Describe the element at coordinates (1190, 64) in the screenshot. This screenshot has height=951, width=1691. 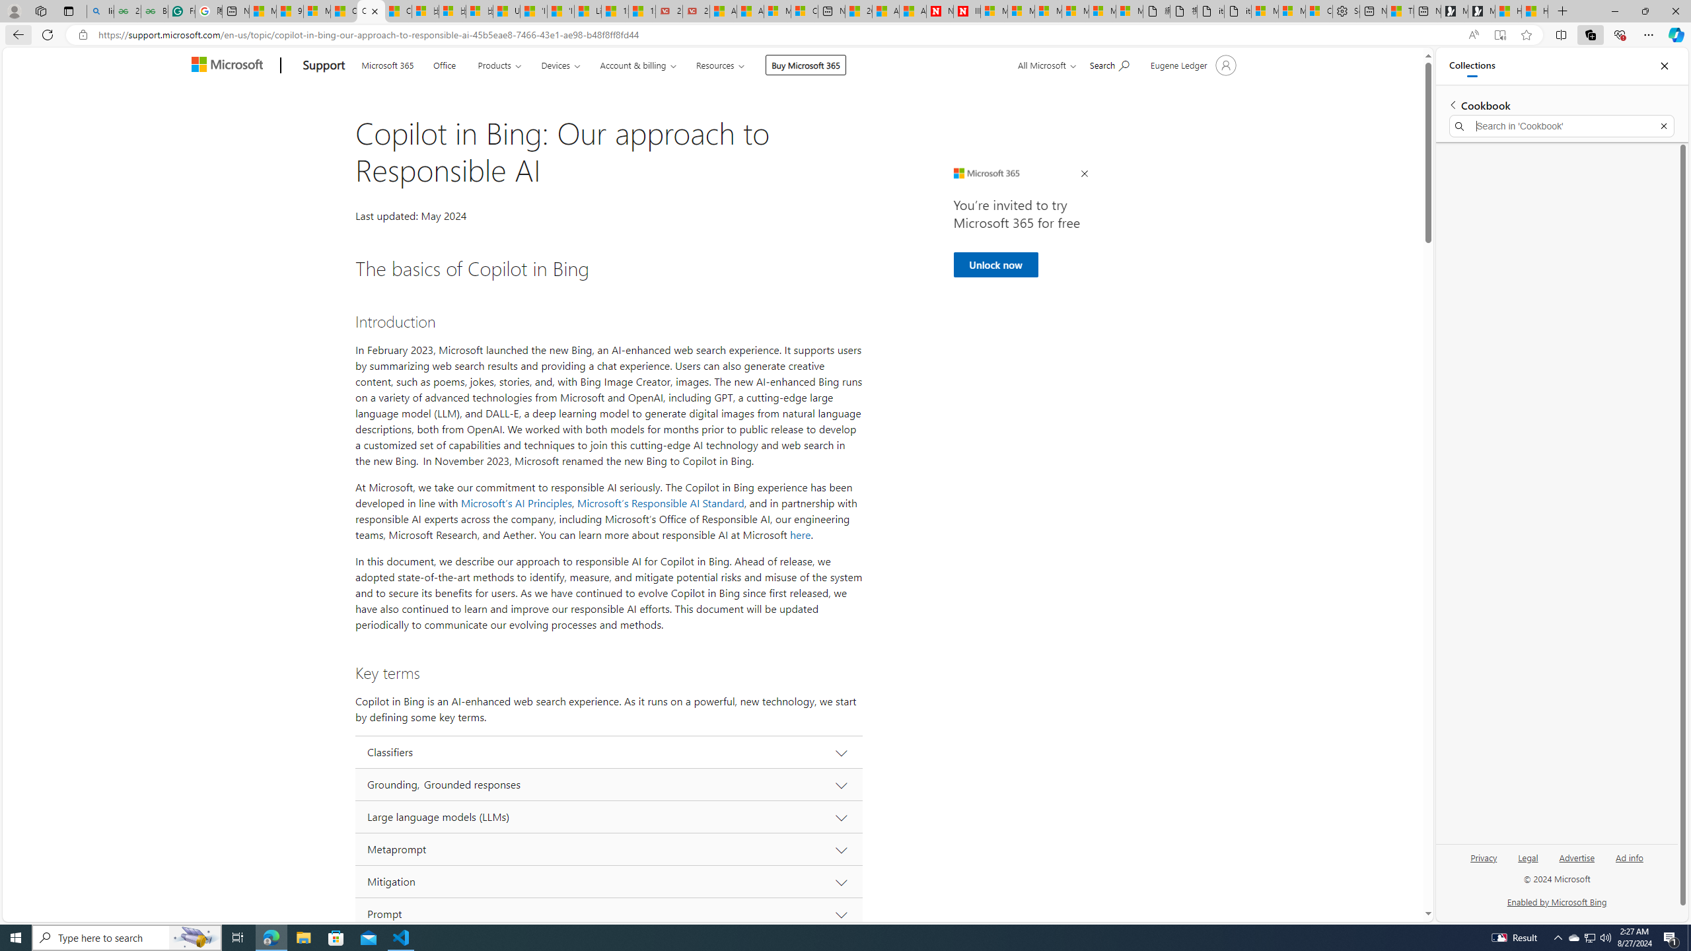
I see `'Account manager for Eugene Ledger'` at that location.